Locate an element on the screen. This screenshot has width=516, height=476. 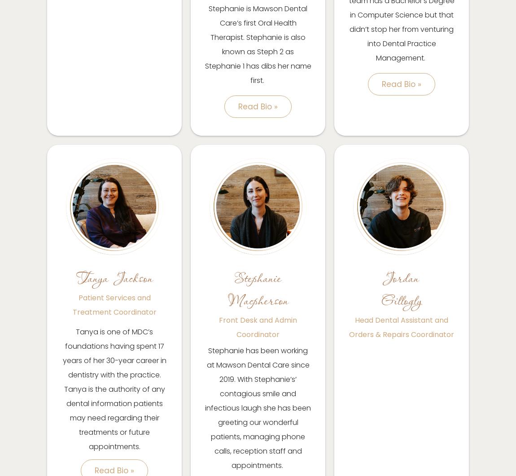
'Head Dental Assistant and Orders & Repairs Coordinator' is located at coordinates (402, 327).